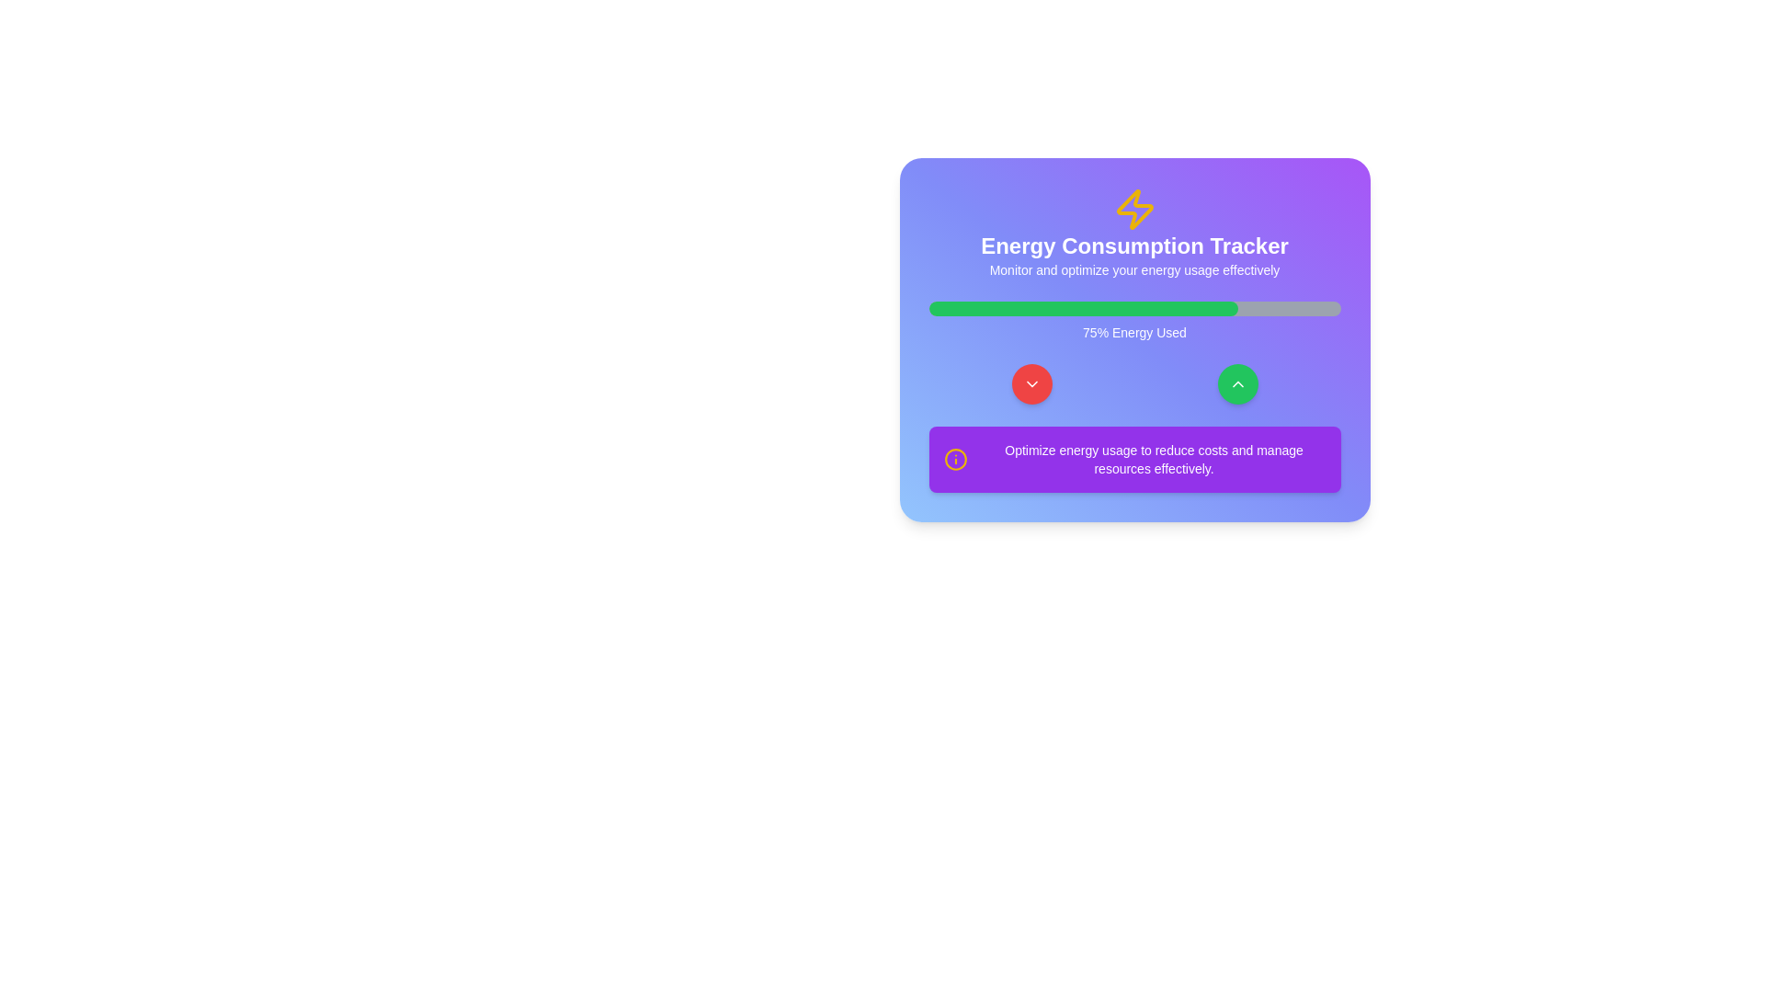 This screenshot has width=1765, height=993. What do you see at coordinates (1133, 333) in the screenshot?
I see `information displayed on the text label showing '75% Energy Used', which is centered beneath the progress bar in a card interface` at bounding box center [1133, 333].